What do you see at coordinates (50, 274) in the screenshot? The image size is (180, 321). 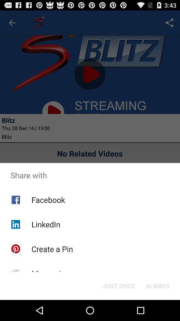 I see `the messaging app` at bounding box center [50, 274].